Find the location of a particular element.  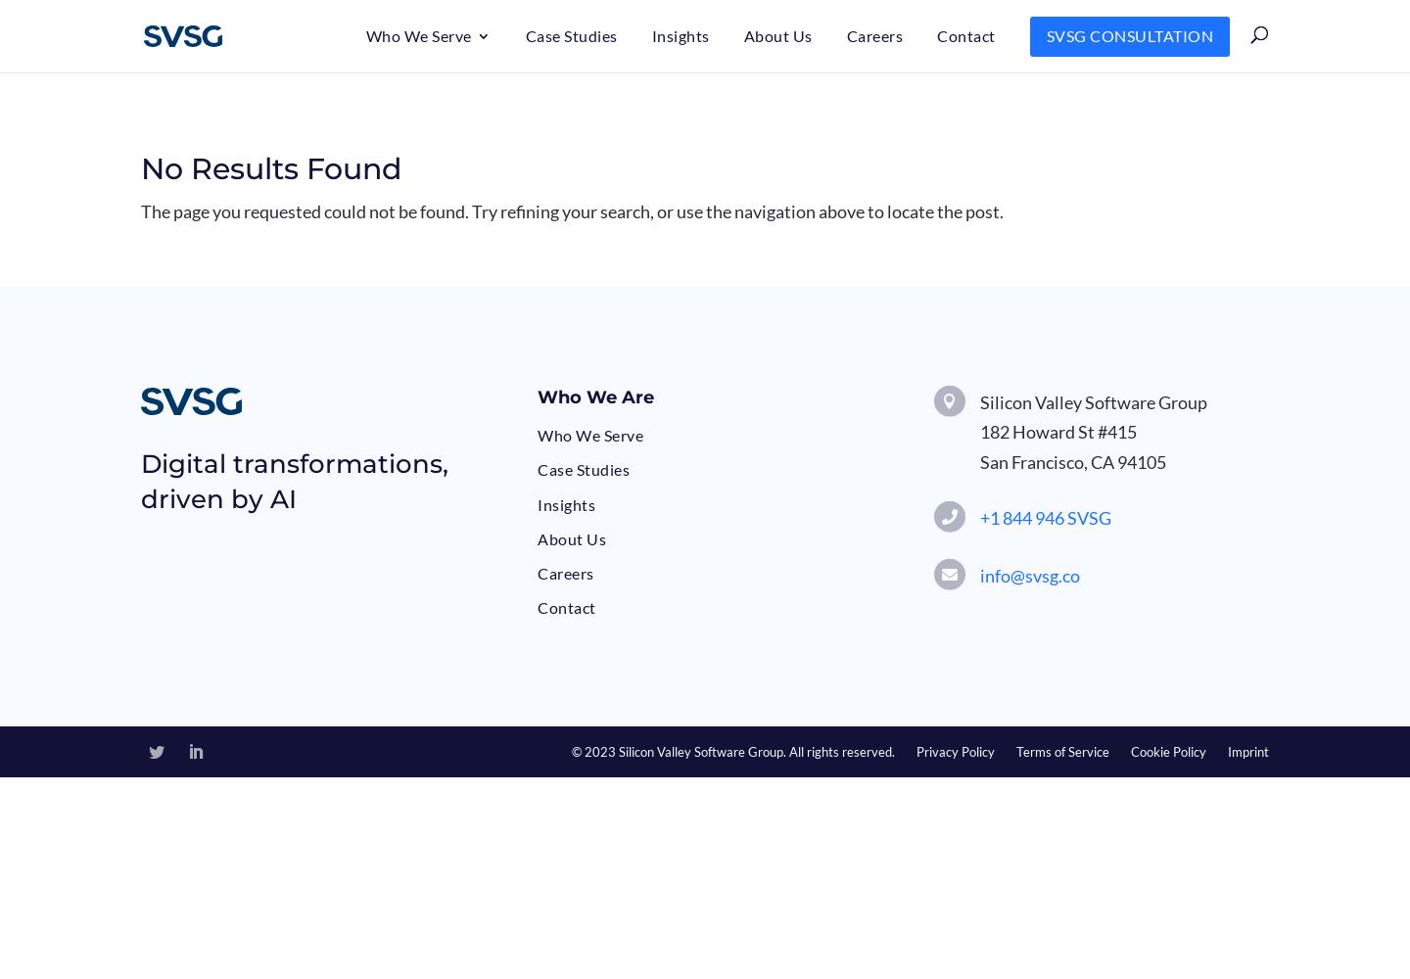

'Silicon Valley Software Group' is located at coordinates (978, 401).